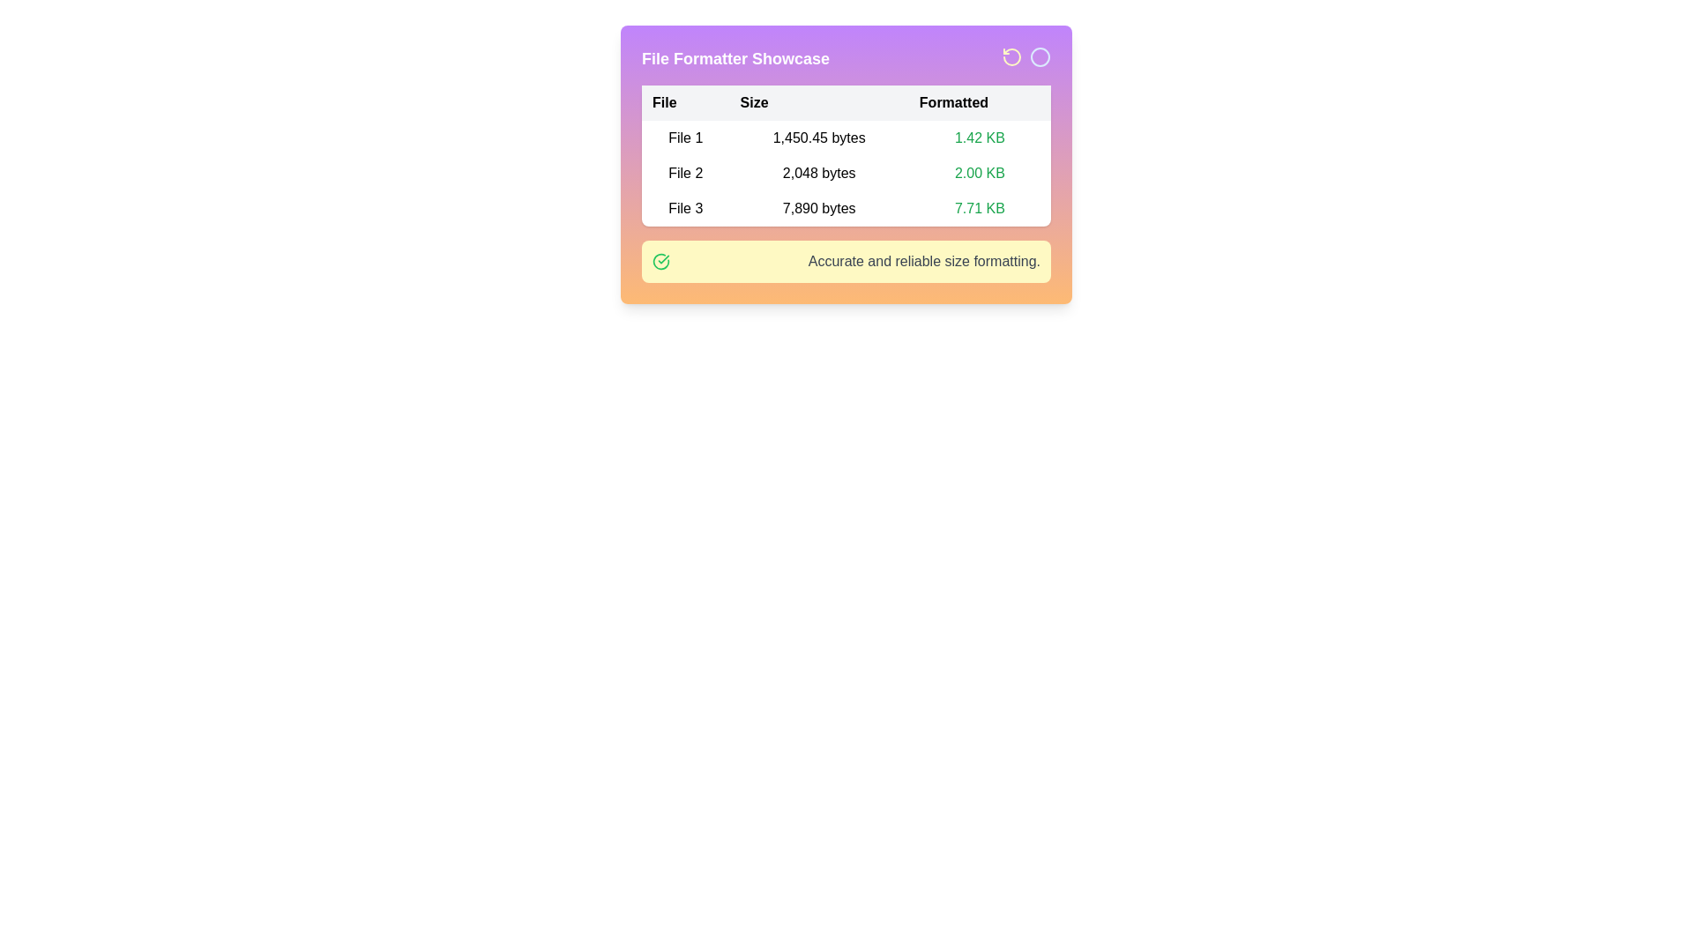 The image size is (1693, 952). What do you see at coordinates (979, 138) in the screenshot?
I see `the text label displaying the formatted size of 'File 1' located in the first row under the 'Formatted' column` at bounding box center [979, 138].